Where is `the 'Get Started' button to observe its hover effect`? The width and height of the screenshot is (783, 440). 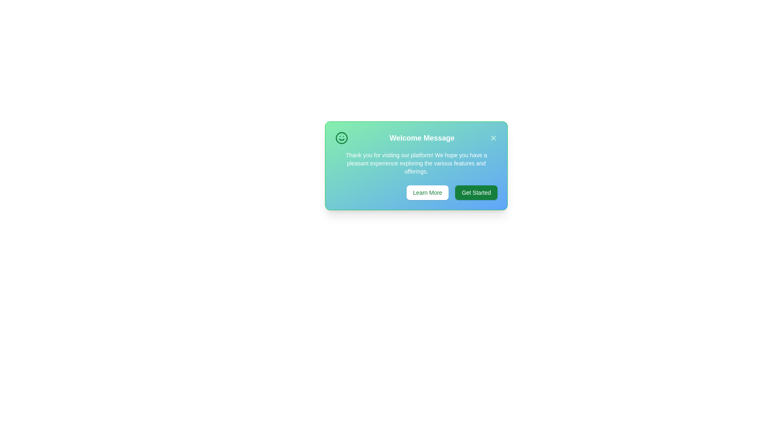
the 'Get Started' button to observe its hover effect is located at coordinates (476, 193).